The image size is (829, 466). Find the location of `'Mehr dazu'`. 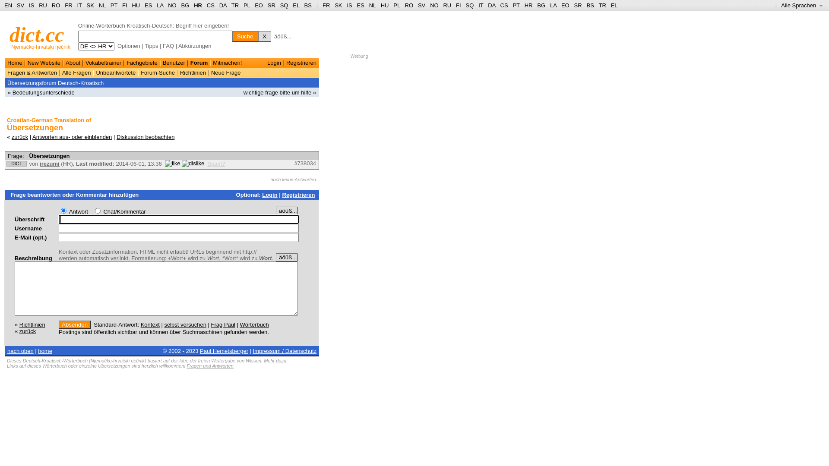

'Mehr dazu' is located at coordinates (275, 361).